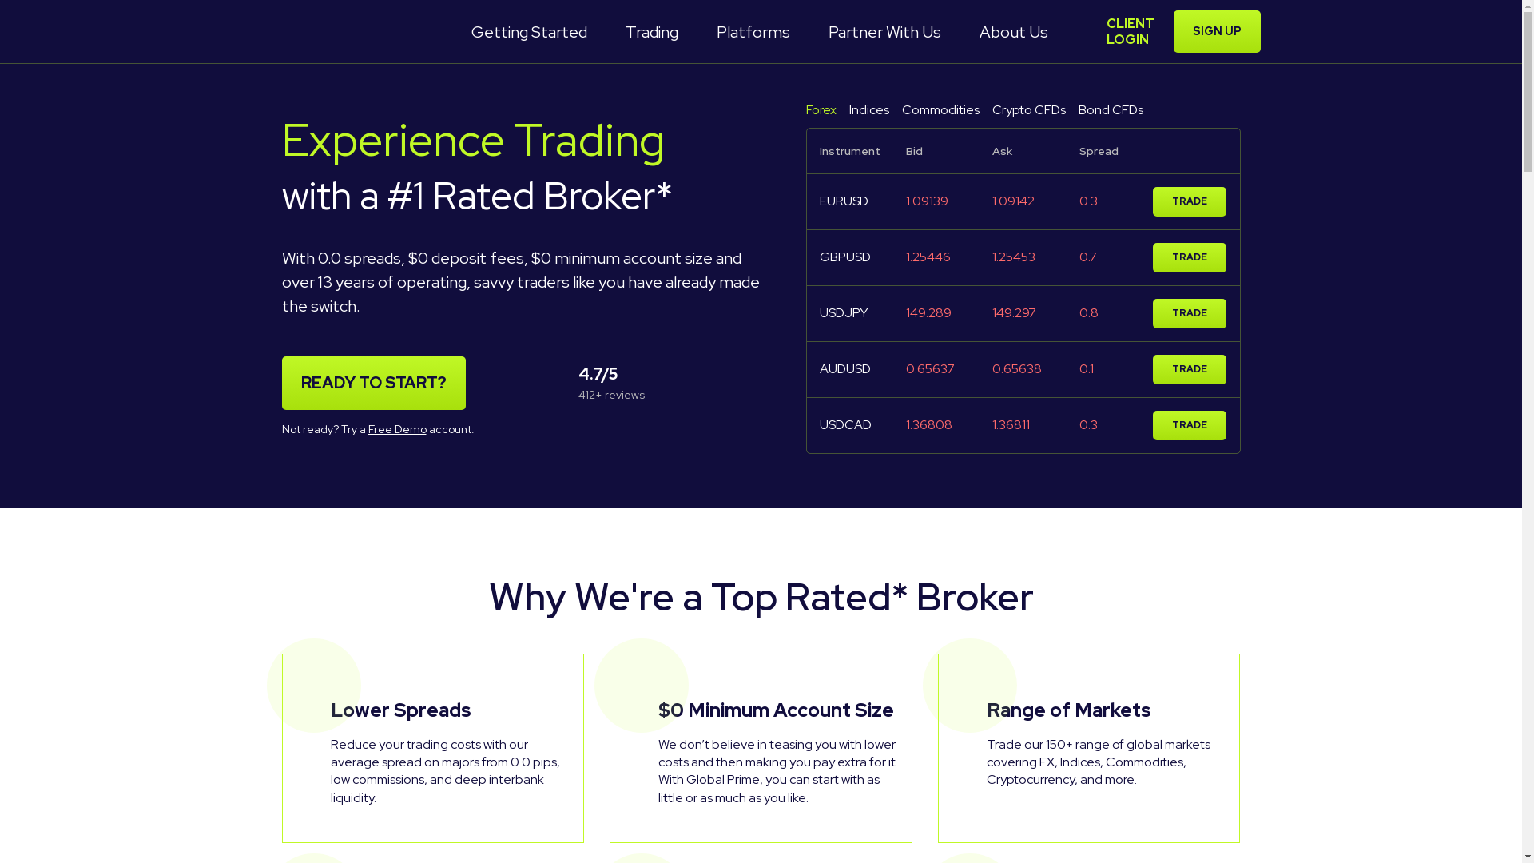 Image resolution: width=1534 pixels, height=863 pixels. What do you see at coordinates (578, 394) in the screenshot?
I see `'412+ reviews'` at bounding box center [578, 394].